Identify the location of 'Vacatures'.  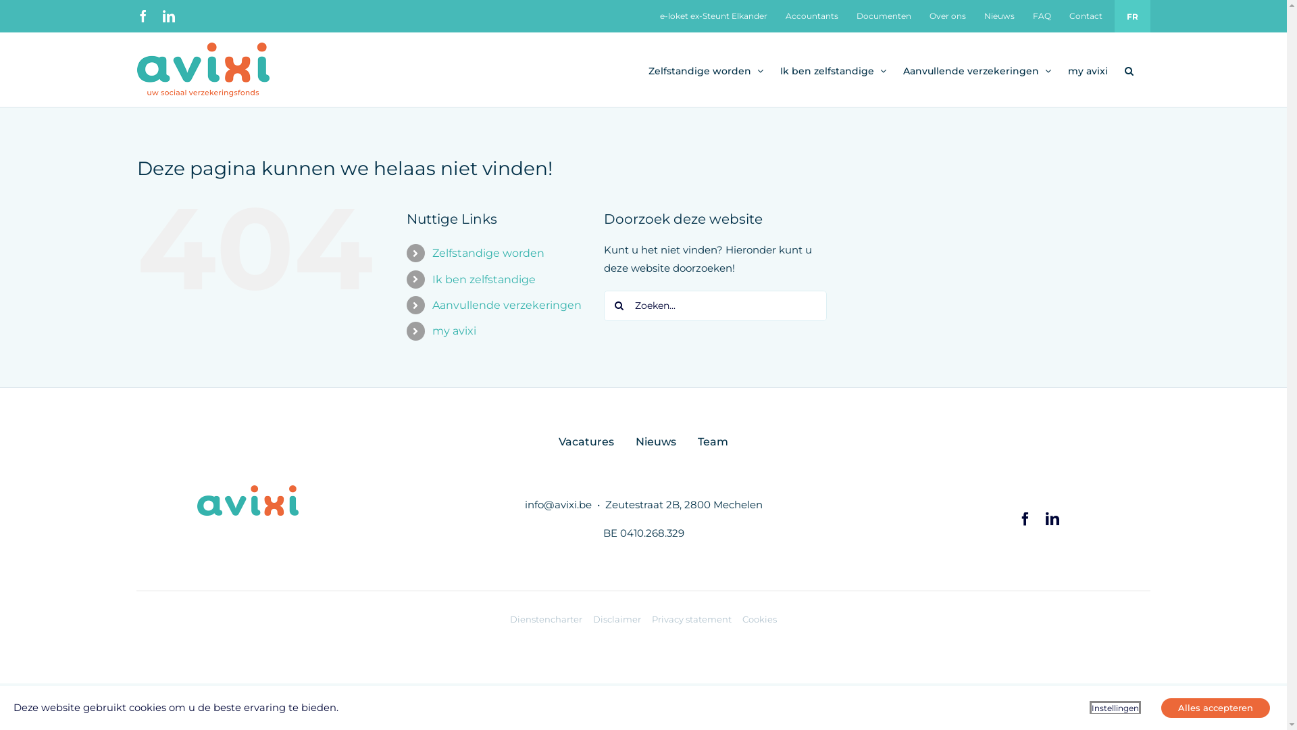
(558, 442).